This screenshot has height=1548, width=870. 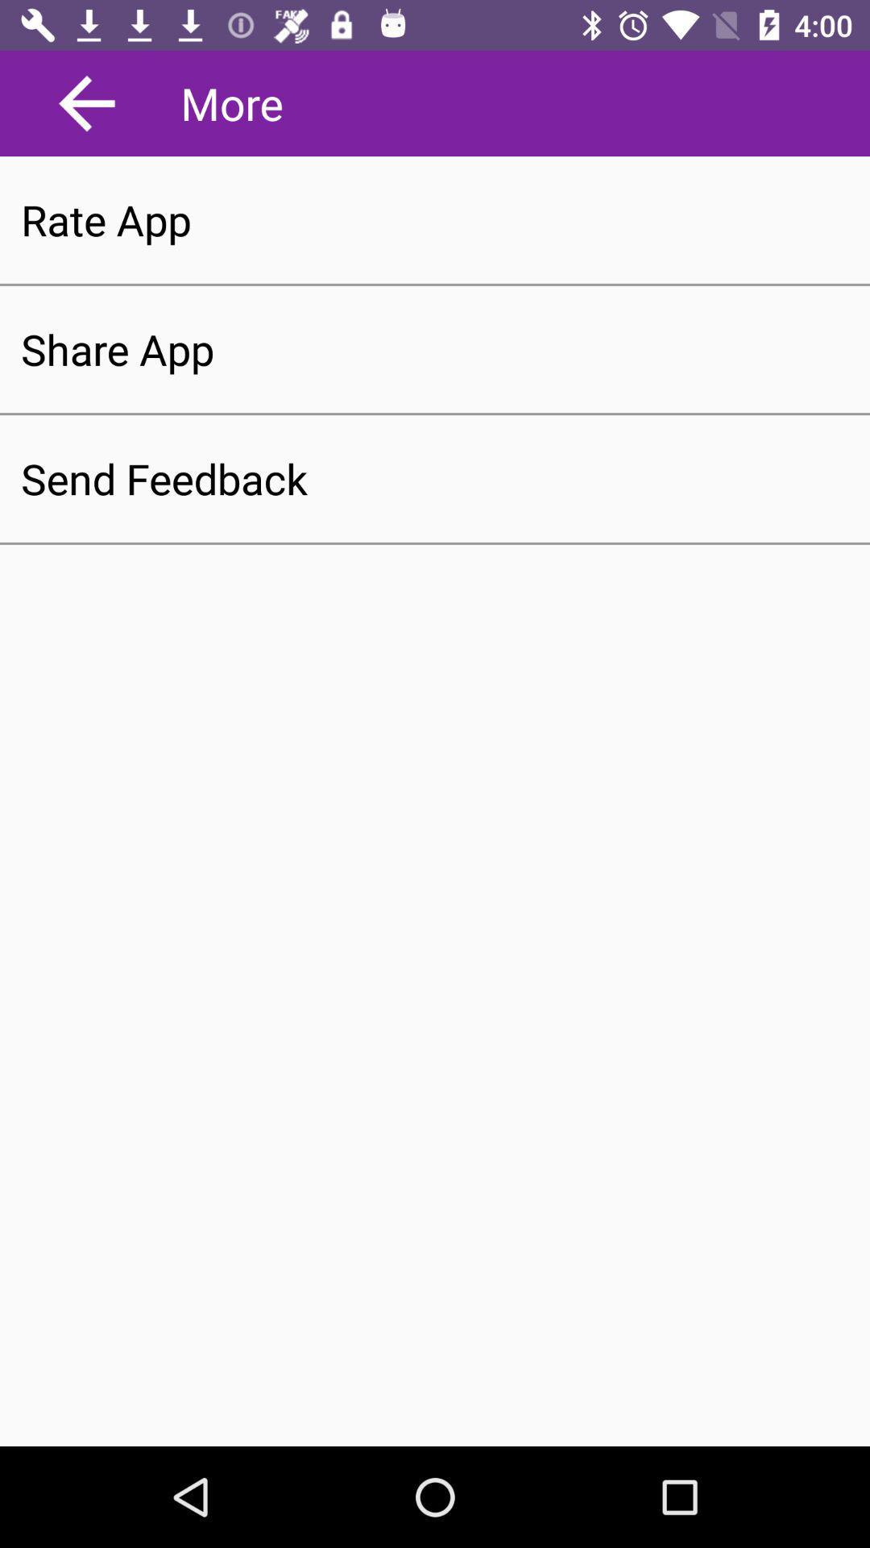 What do you see at coordinates (435, 478) in the screenshot?
I see `send feedback icon` at bounding box center [435, 478].